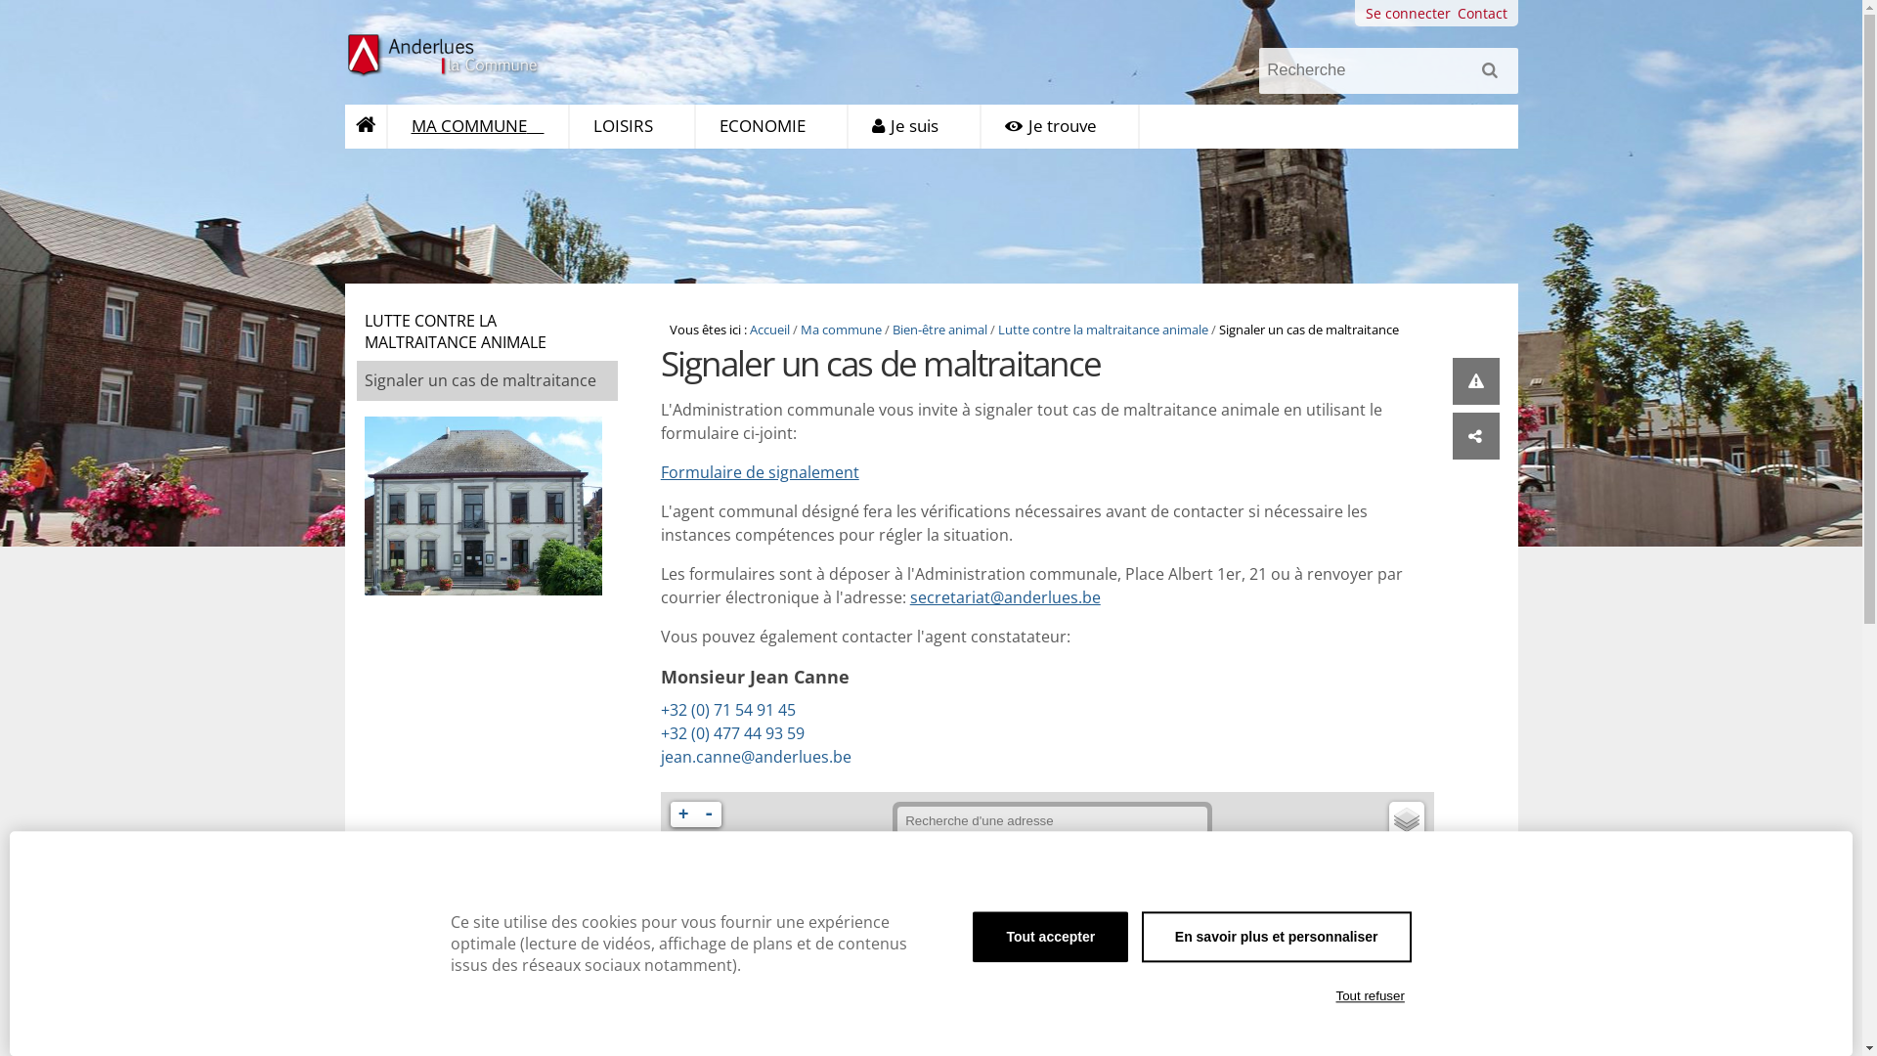  Describe the element at coordinates (1369, 995) in the screenshot. I see `'Tout refuser'` at that location.